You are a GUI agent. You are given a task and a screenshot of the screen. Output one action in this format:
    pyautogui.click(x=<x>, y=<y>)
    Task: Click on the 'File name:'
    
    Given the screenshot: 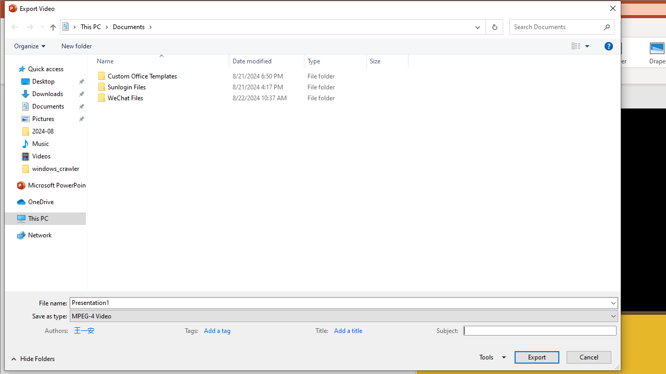 What is the action you would take?
    pyautogui.click(x=344, y=303)
    